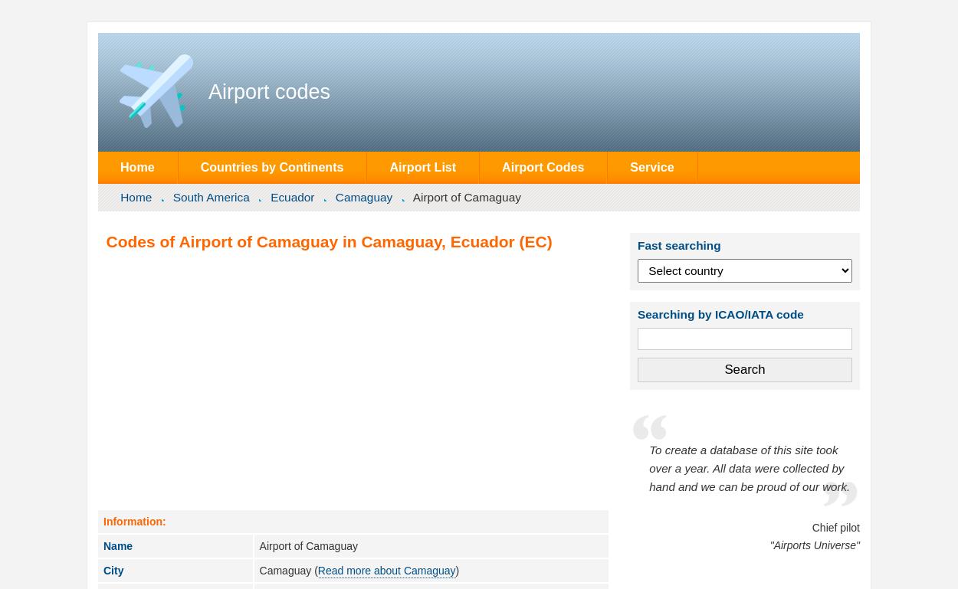 The width and height of the screenshot is (958, 589). Describe the element at coordinates (422, 167) in the screenshot. I see `'Airport List'` at that location.